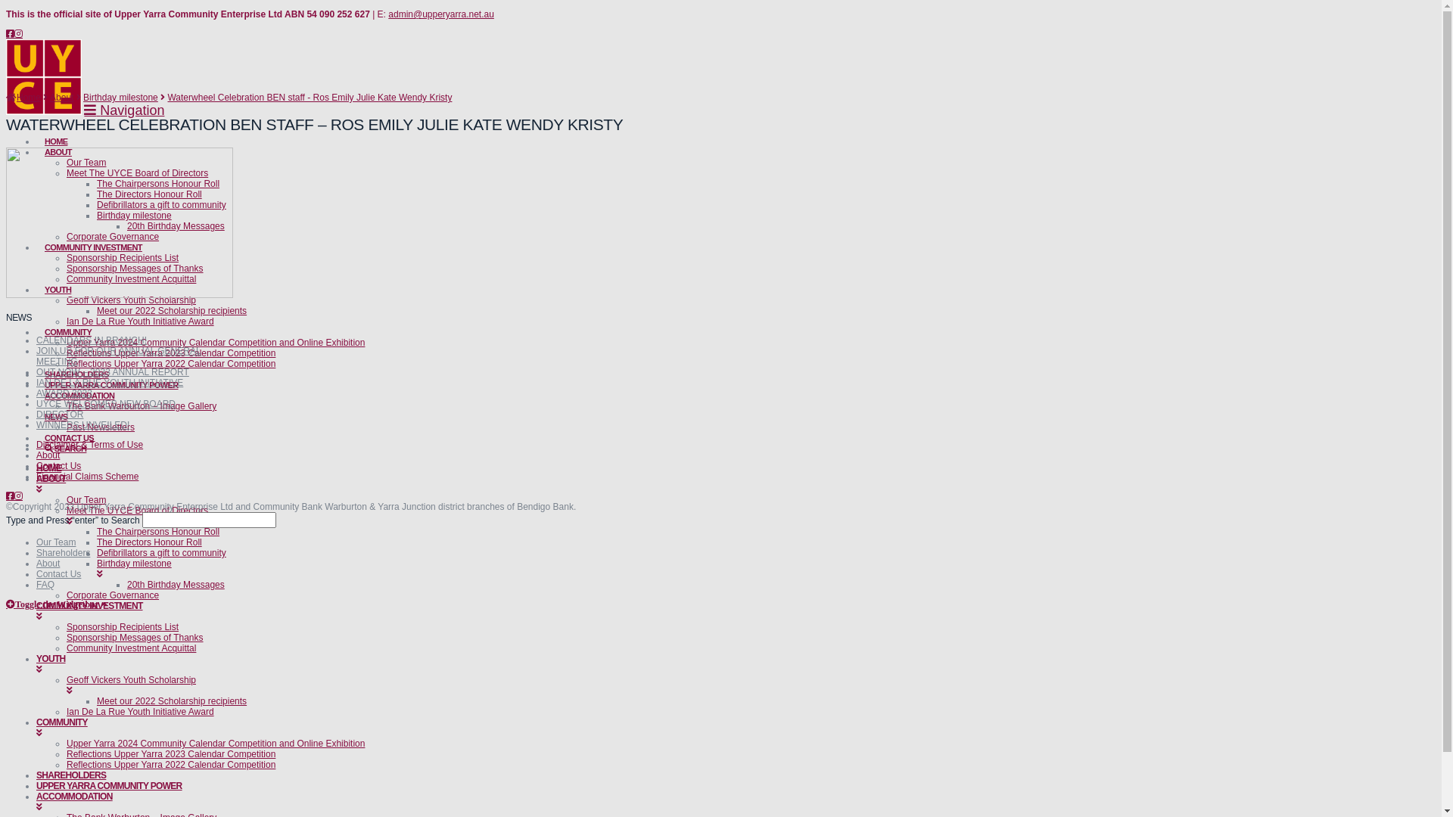 Image resolution: width=1453 pixels, height=817 pixels. Describe the element at coordinates (54, 603) in the screenshot. I see `'Toggle the Widgetbar'` at that location.